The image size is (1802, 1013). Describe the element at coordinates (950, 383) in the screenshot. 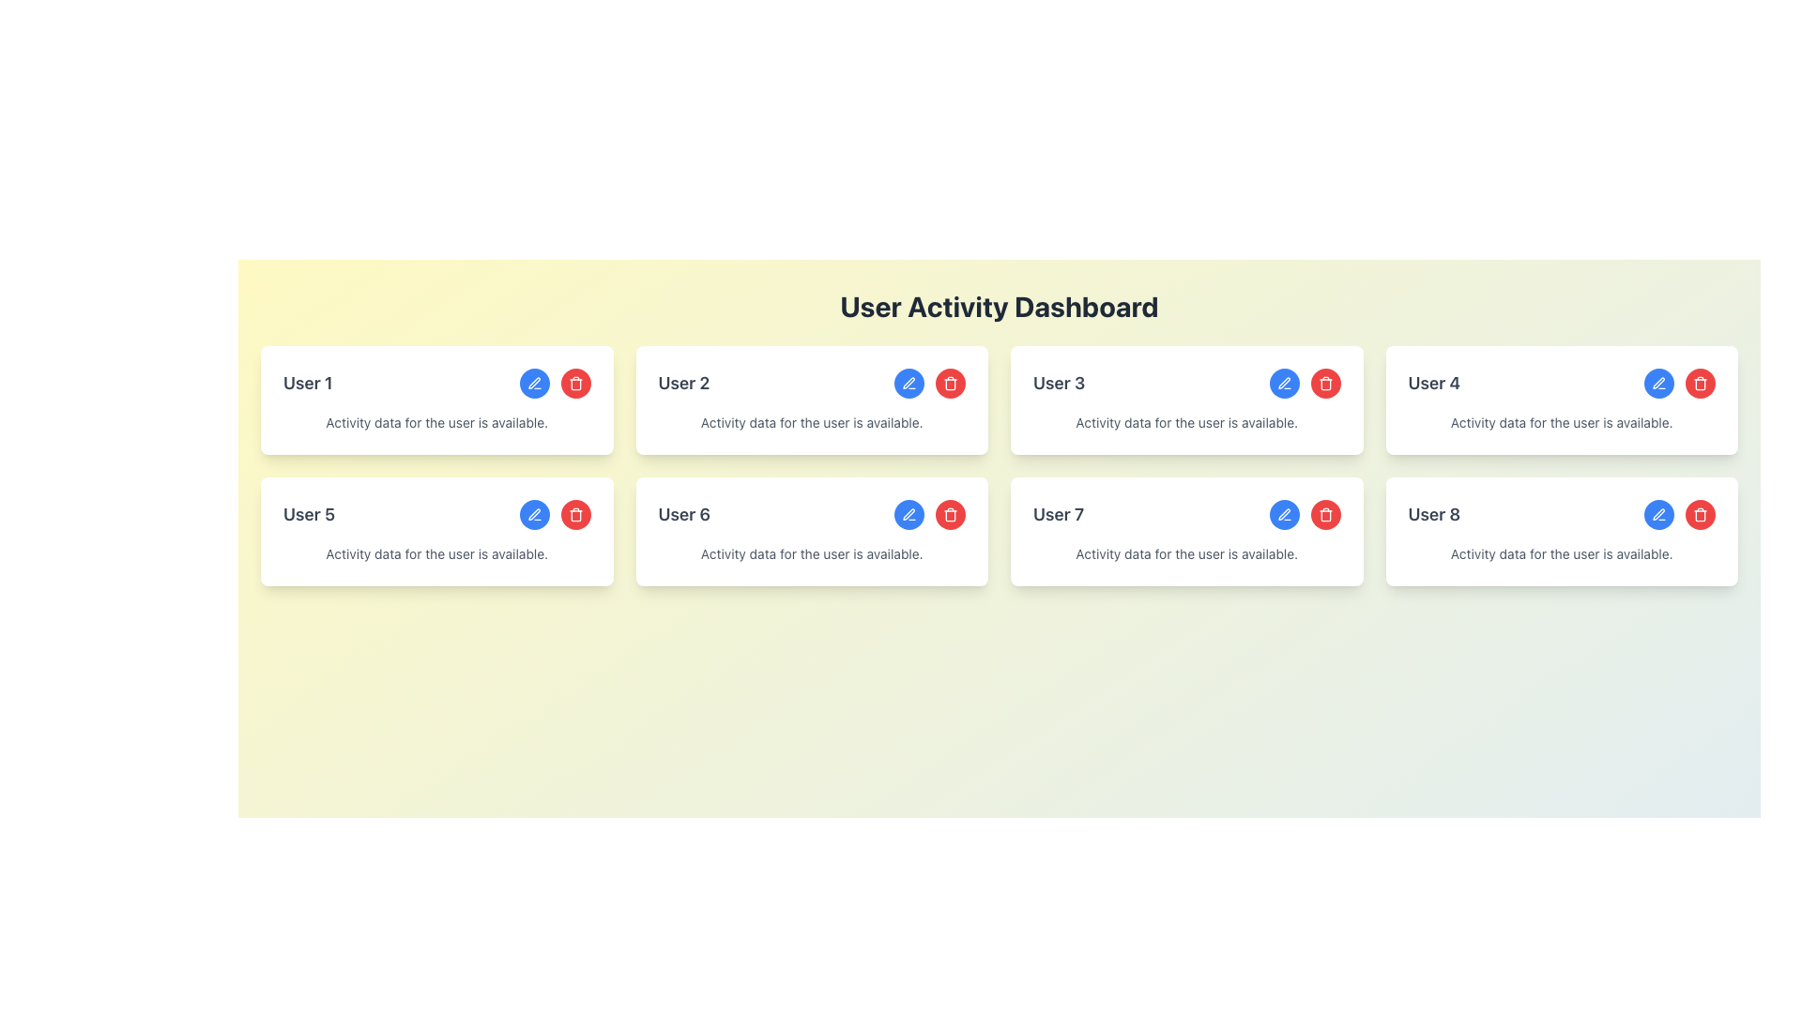

I see `the trash icon located` at that location.